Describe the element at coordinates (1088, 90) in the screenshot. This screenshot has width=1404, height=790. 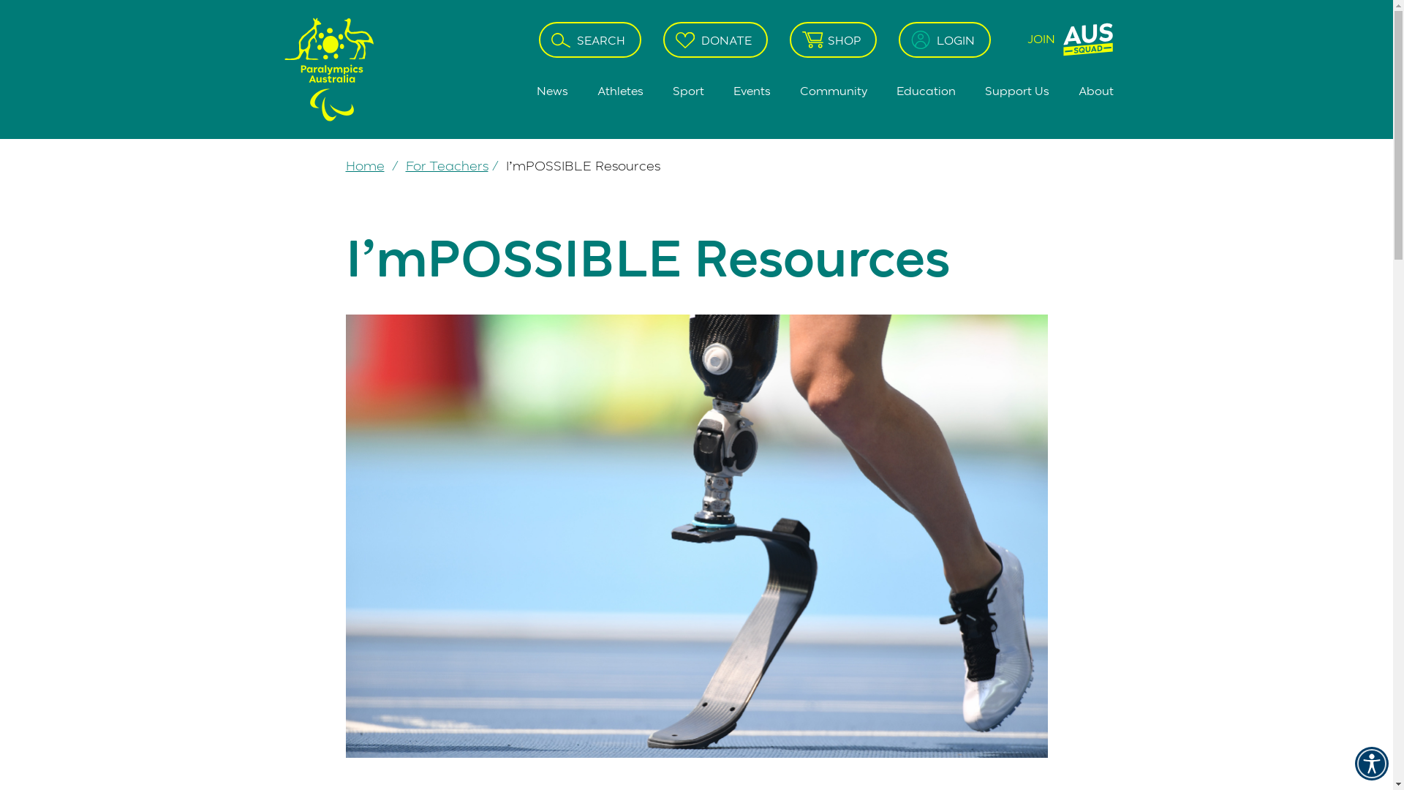
I see `'About'` at that location.